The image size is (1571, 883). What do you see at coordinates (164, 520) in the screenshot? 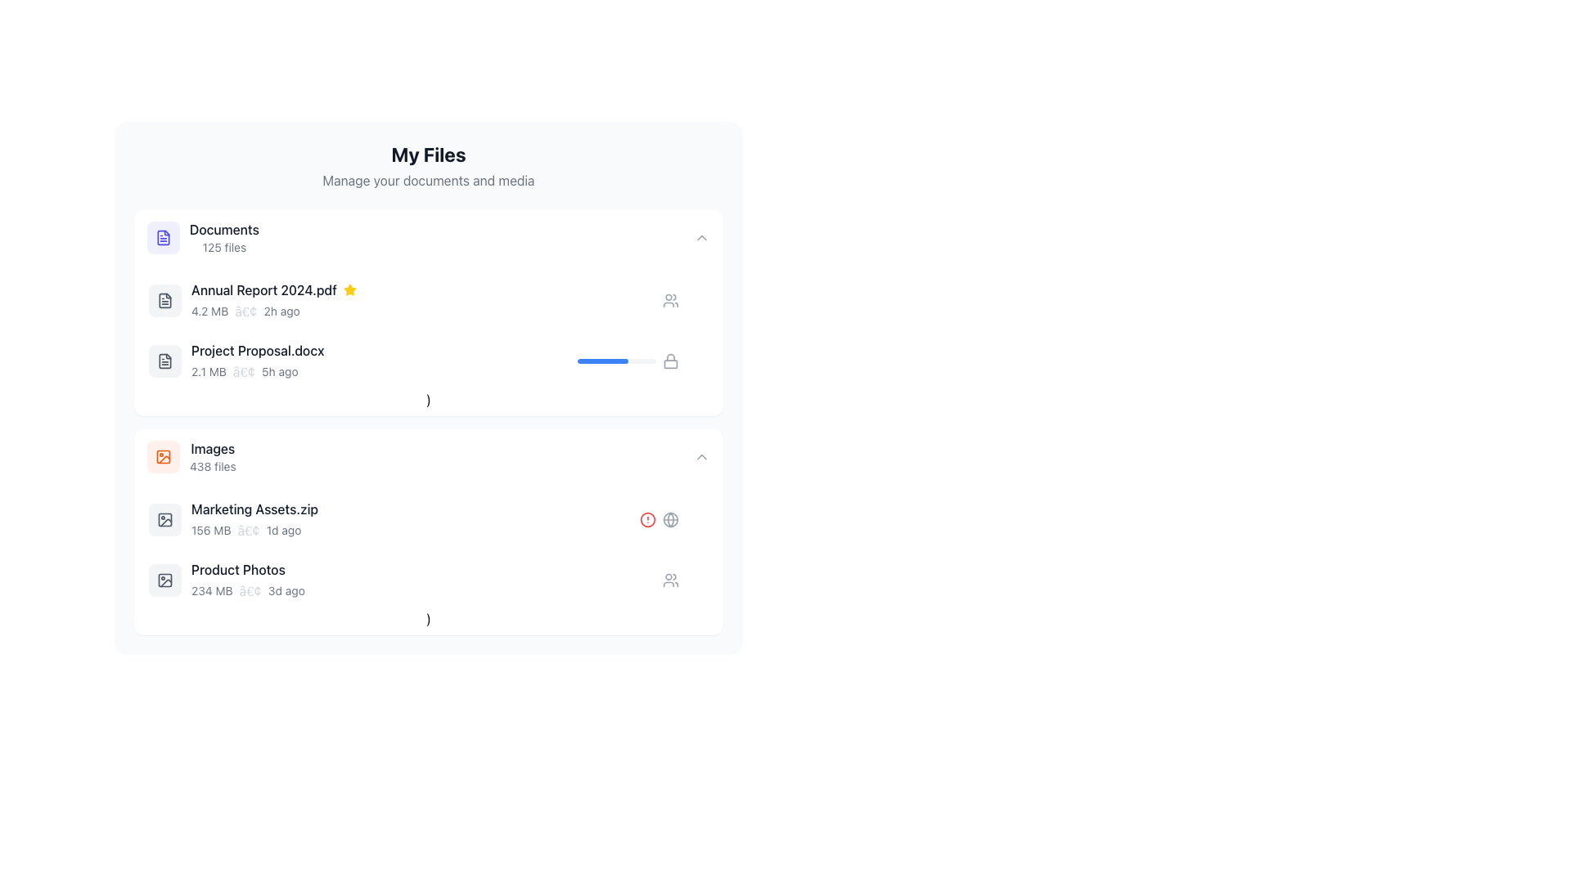
I see `the image thumbnail icon representing 'Marketing Assets.zip' in the 'Images' section` at bounding box center [164, 520].